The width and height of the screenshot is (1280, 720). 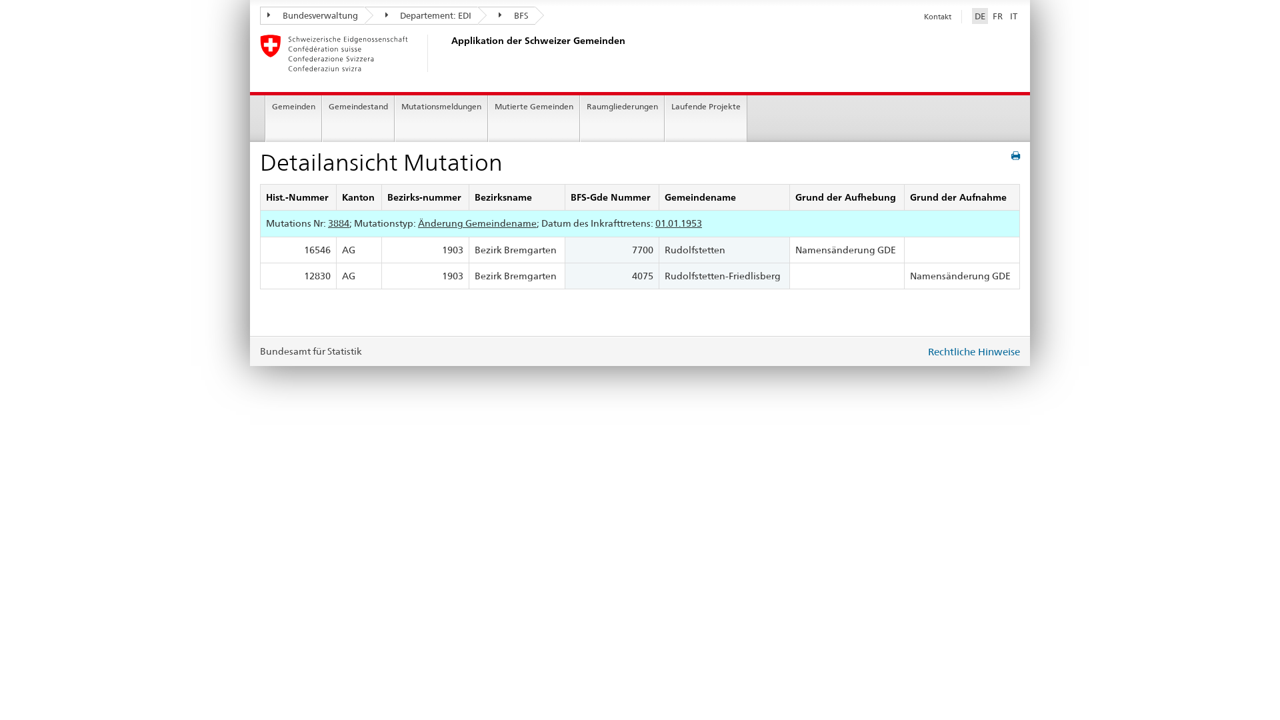 What do you see at coordinates (1015, 155) in the screenshot?
I see `'print'` at bounding box center [1015, 155].